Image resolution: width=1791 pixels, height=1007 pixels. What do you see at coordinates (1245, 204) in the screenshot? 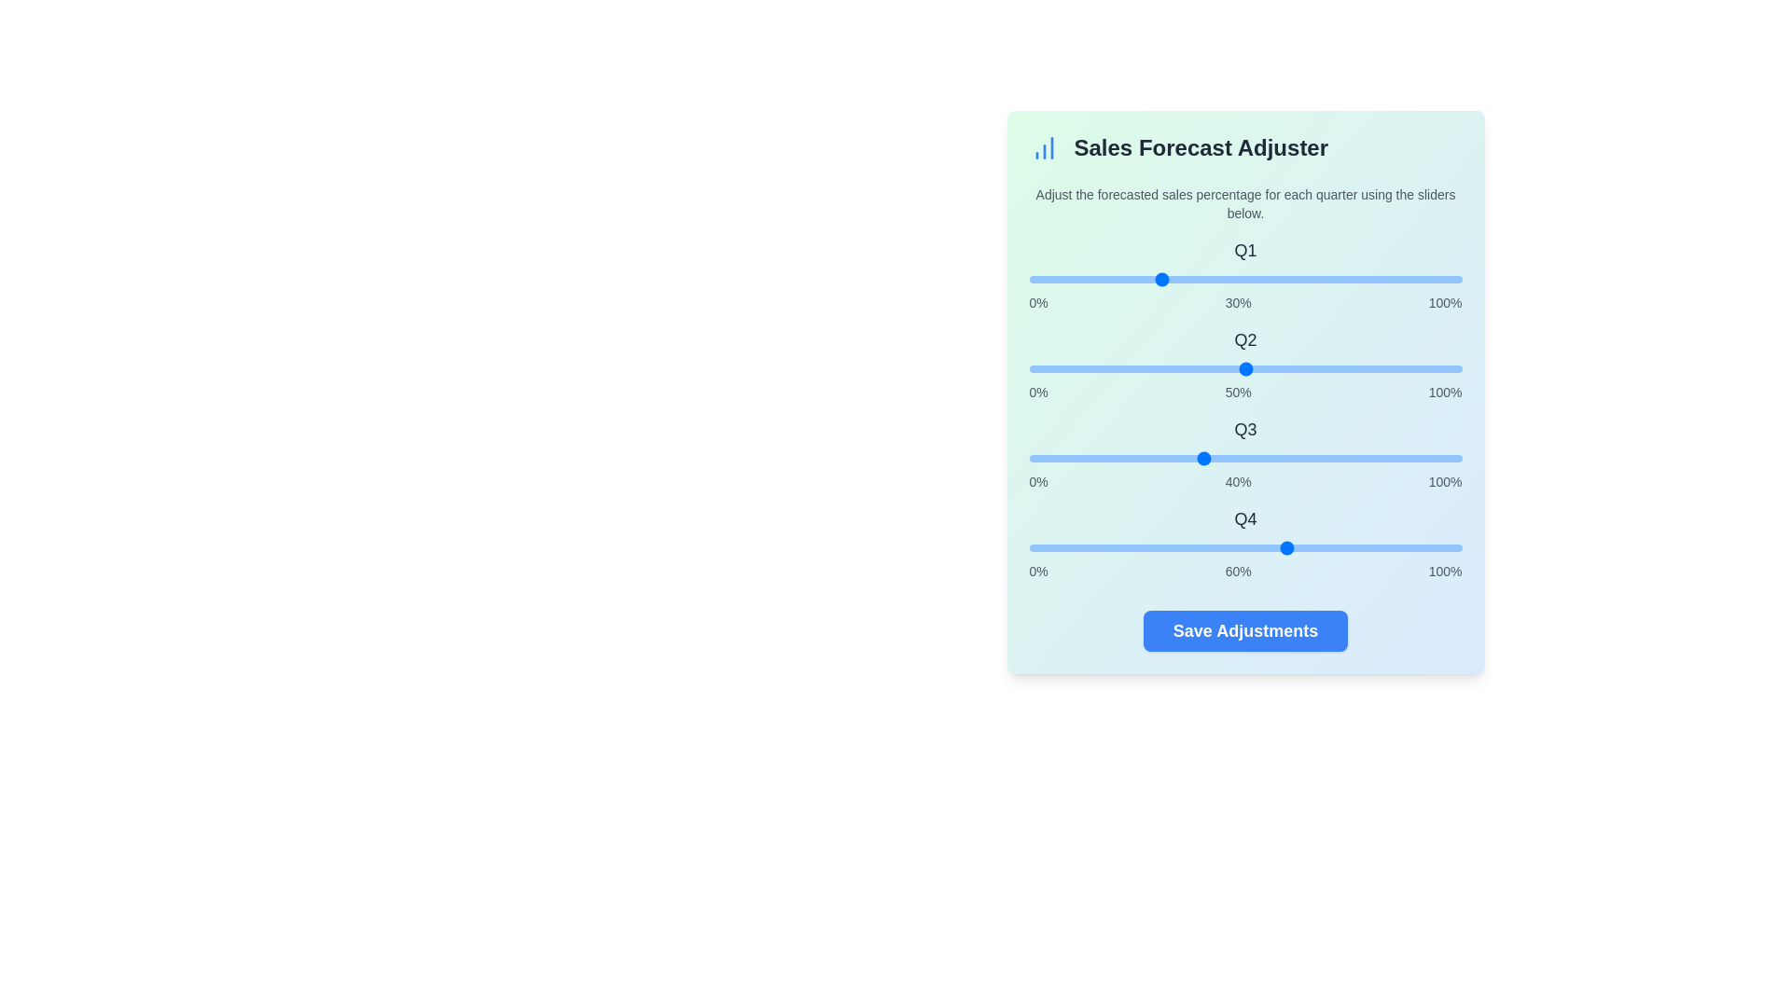
I see `the text 'Adjust the forecasted sales percentage for each quarter using the sliders below.'` at bounding box center [1245, 204].